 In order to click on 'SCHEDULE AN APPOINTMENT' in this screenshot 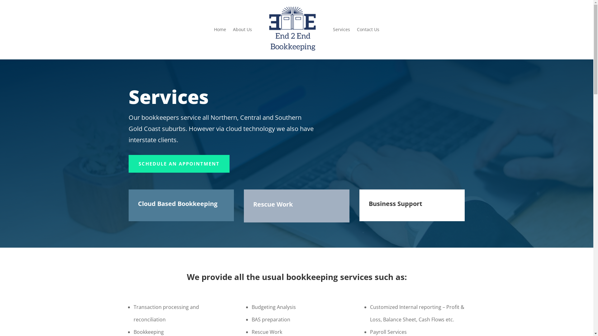, I will do `click(178, 164)`.